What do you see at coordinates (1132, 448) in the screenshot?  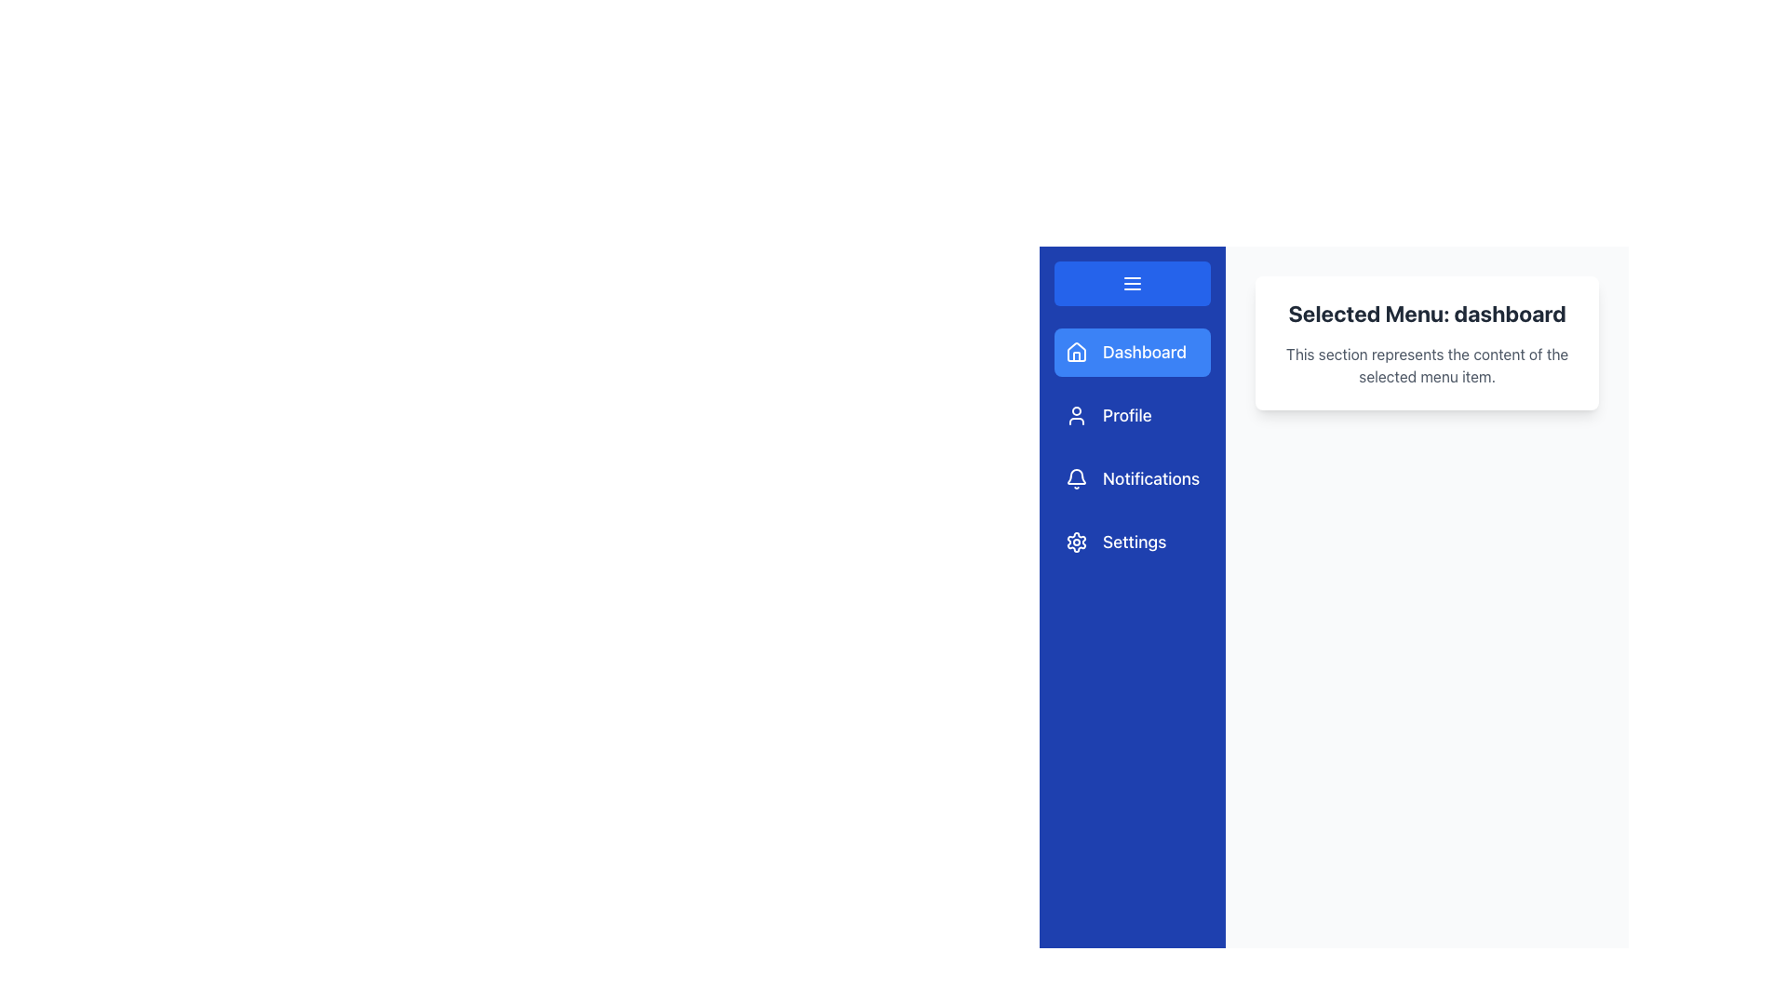 I see `the vertical navigation menu item located in the leftmost vertical sidebar of the interface` at bounding box center [1132, 448].